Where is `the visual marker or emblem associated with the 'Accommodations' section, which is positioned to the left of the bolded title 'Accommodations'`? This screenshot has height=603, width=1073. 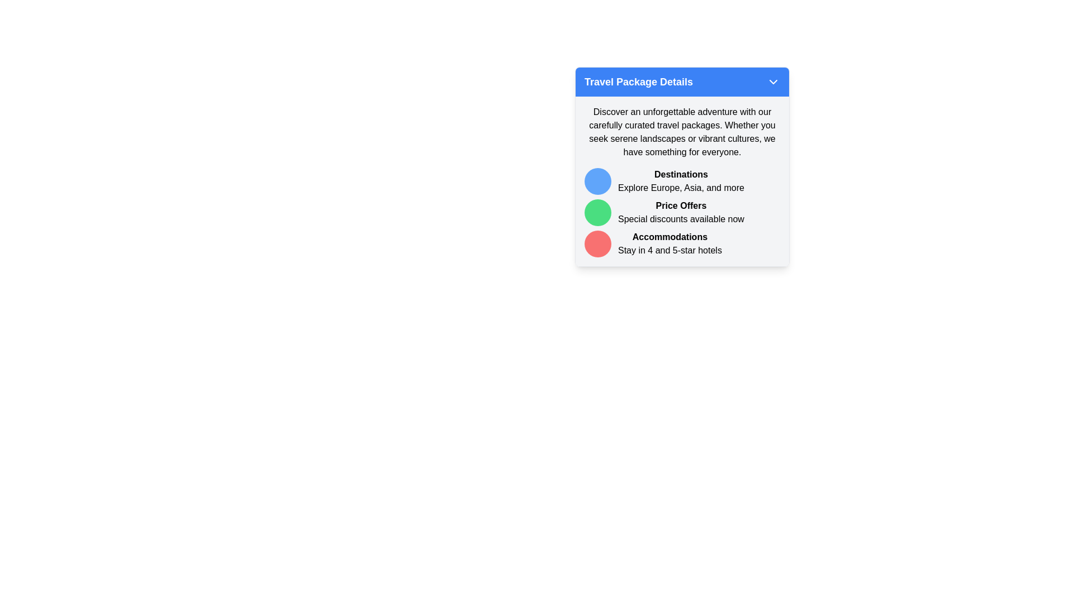
the visual marker or emblem associated with the 'Accommodations' section, which is positioned to the left of the bolded title 'Accommodations' is located at coordinates (597, 243).